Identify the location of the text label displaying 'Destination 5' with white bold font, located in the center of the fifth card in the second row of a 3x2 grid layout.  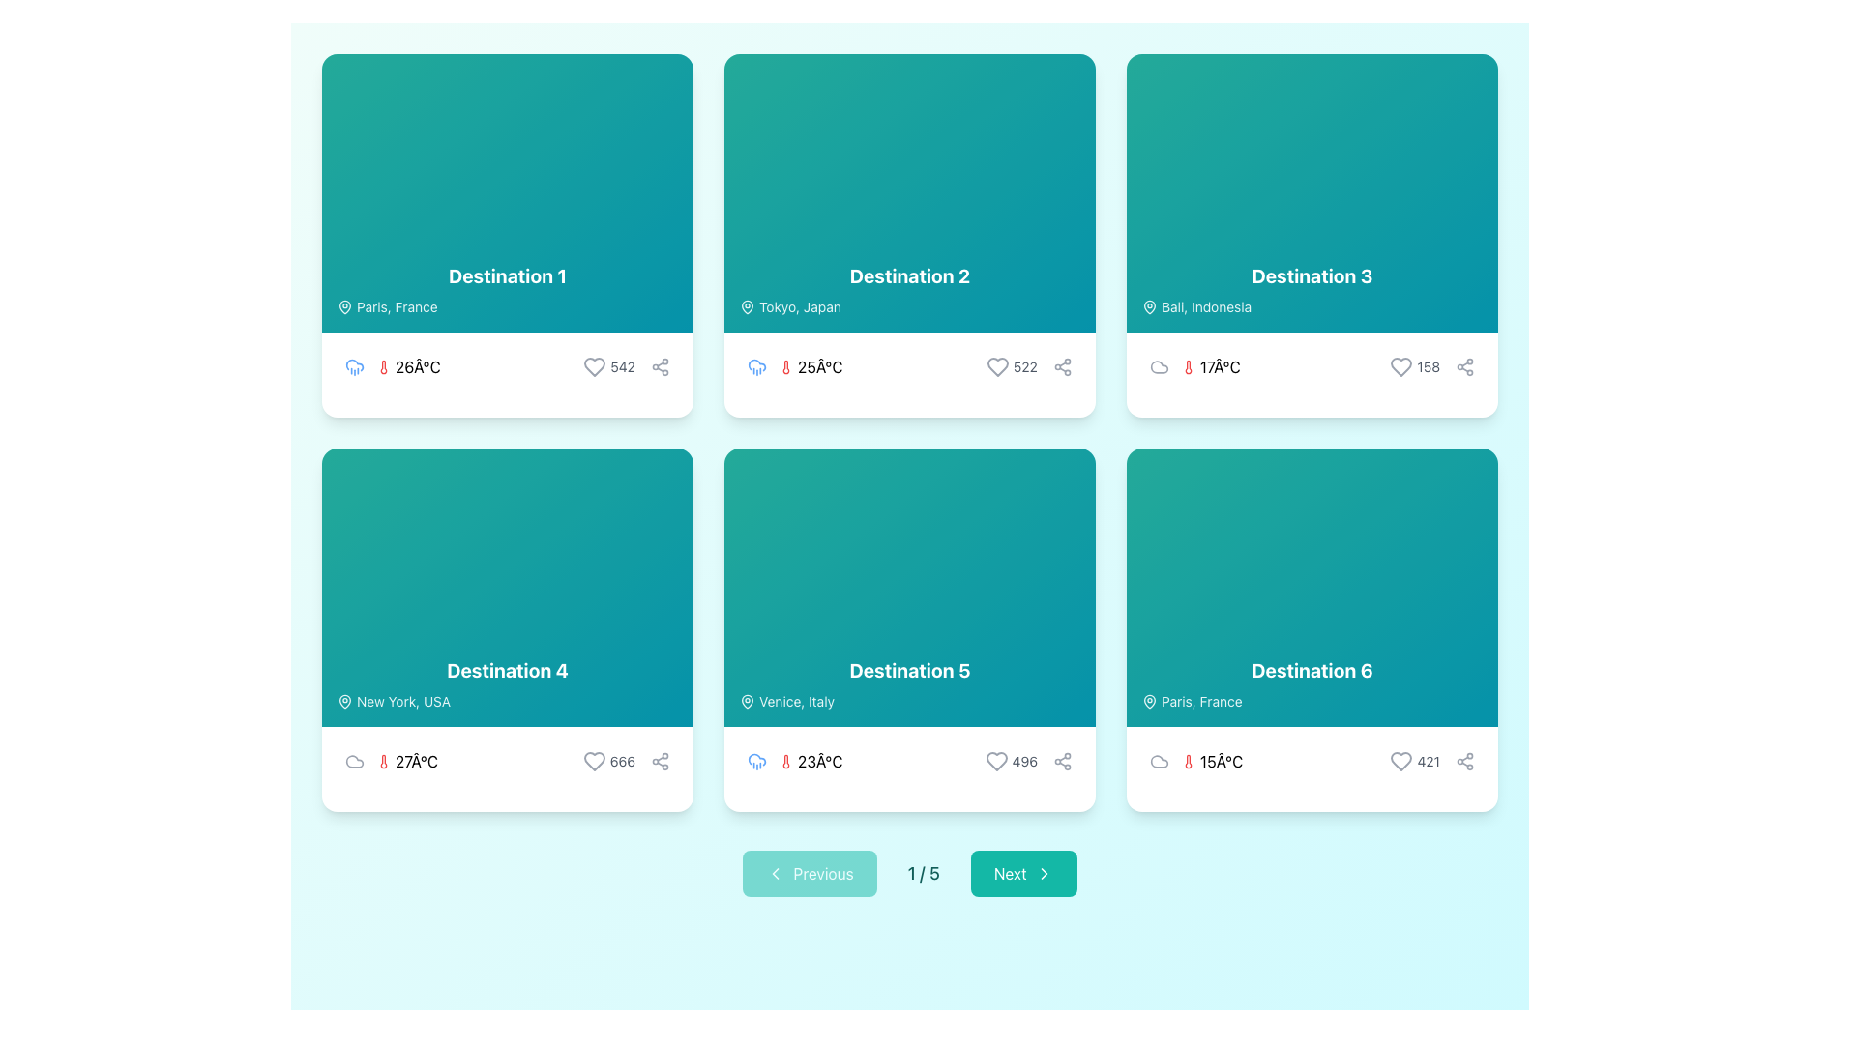
(908, 670).